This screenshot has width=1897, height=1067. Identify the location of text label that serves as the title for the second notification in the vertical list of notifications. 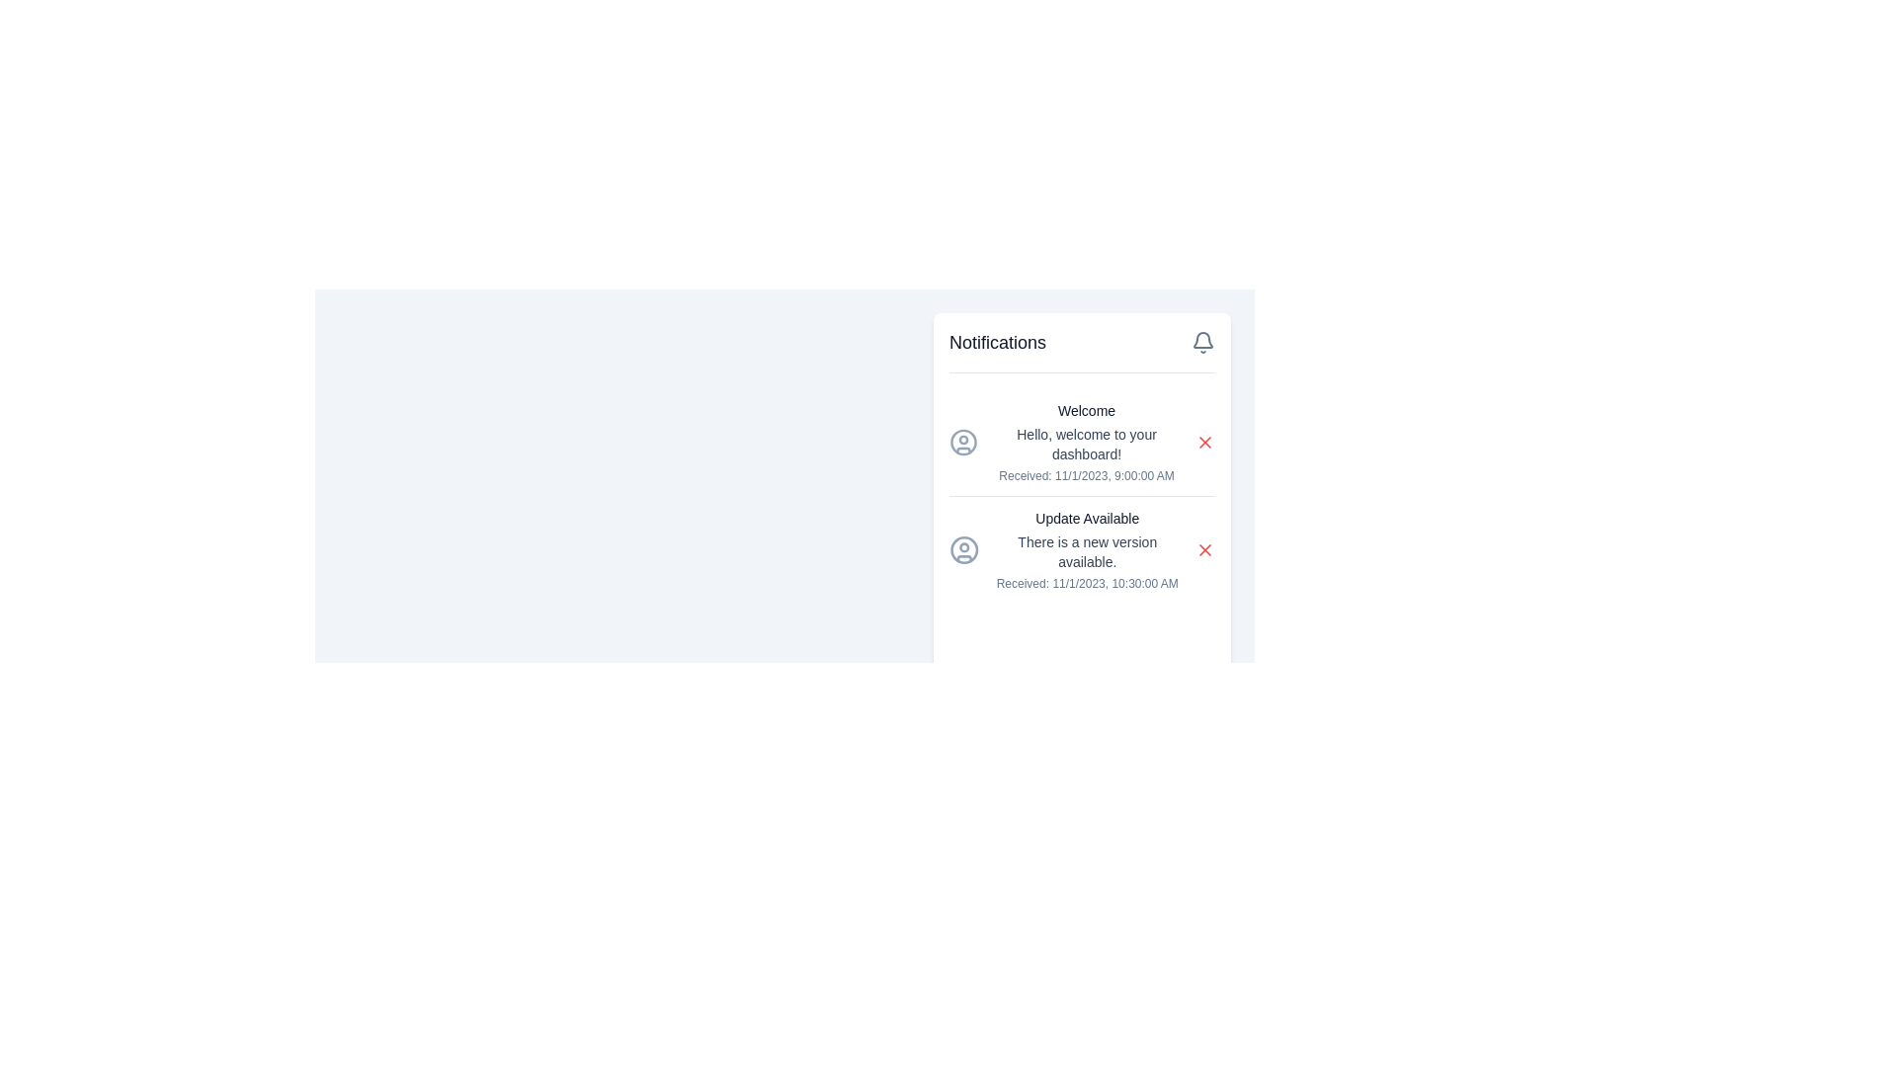
(1086, 517).